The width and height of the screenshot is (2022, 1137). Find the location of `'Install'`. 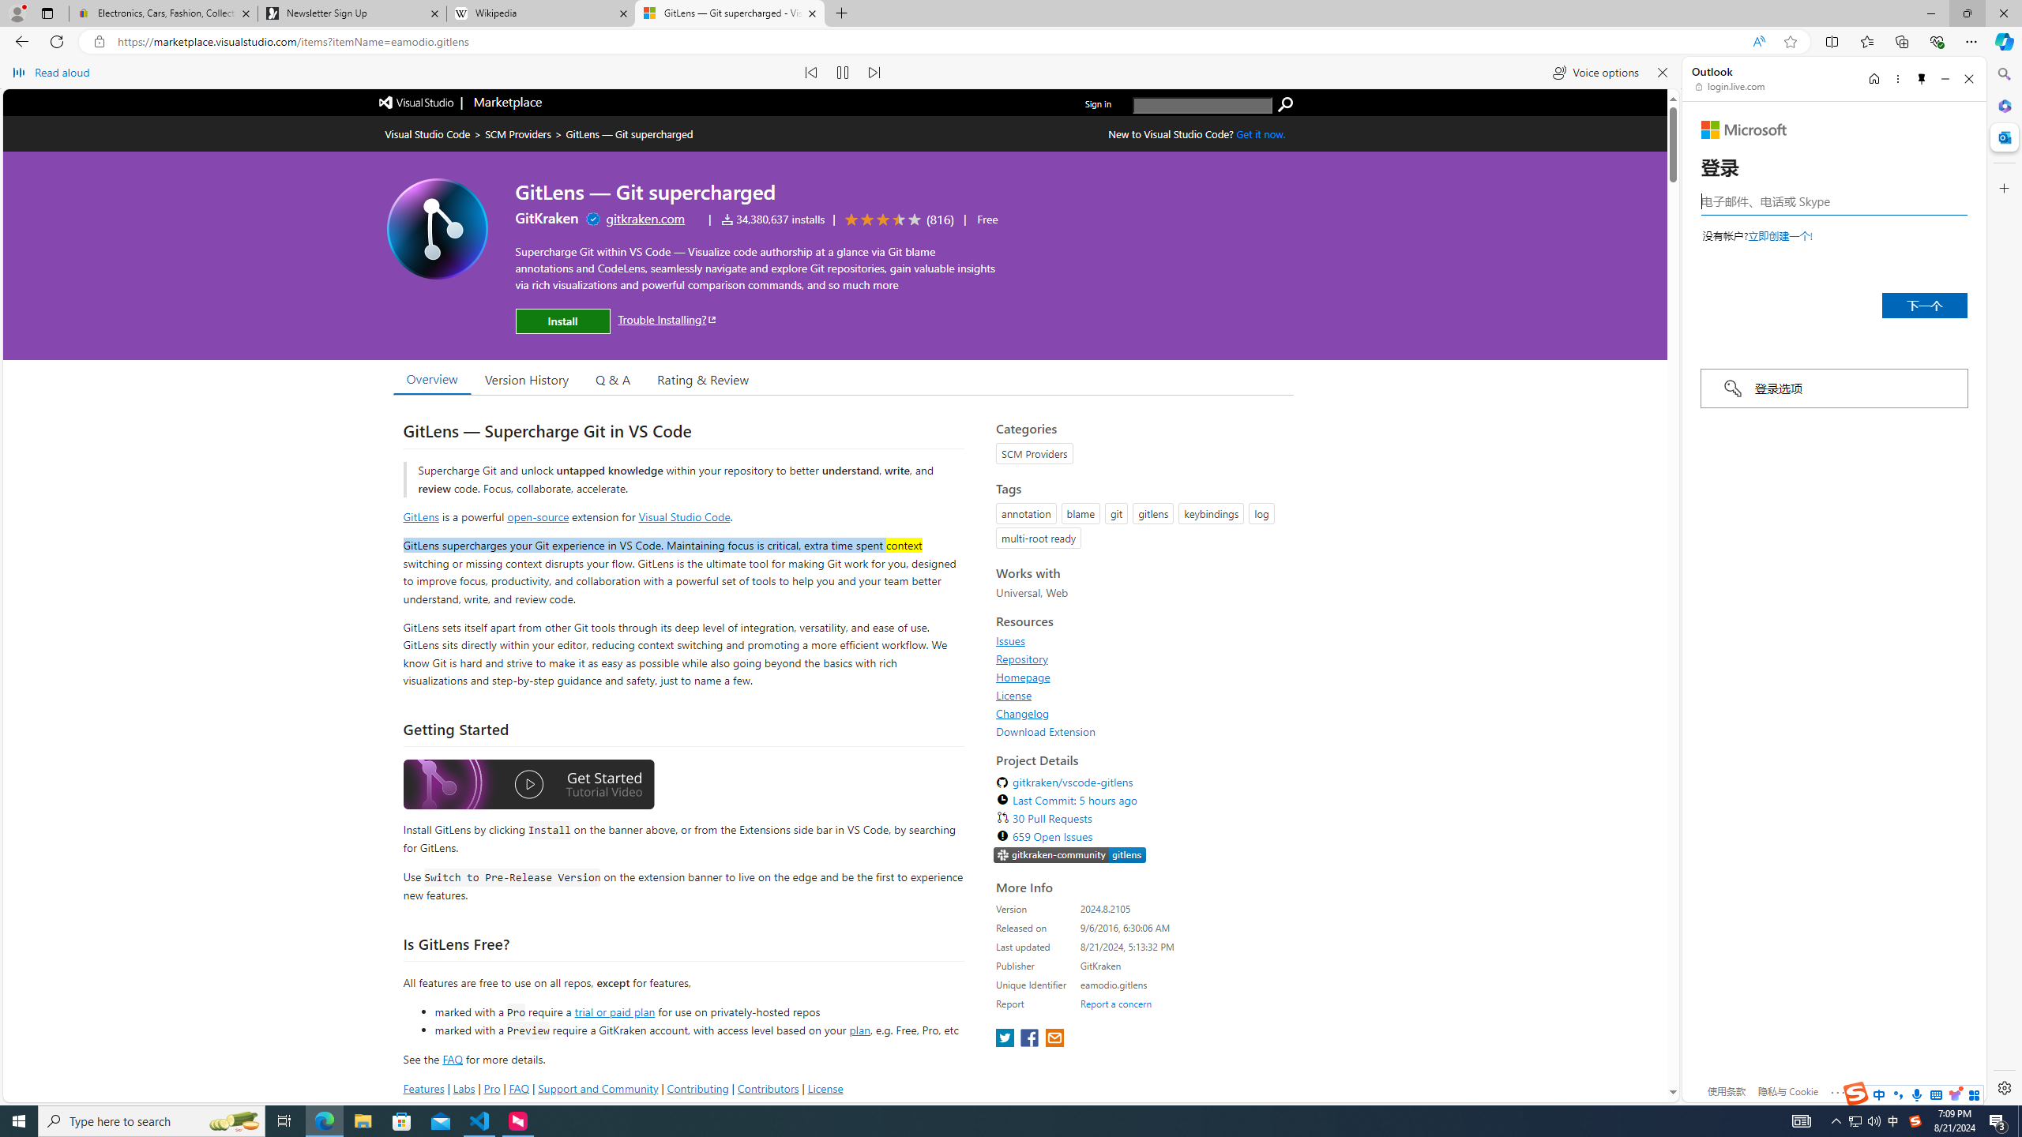

'Install' is located at coordinates (562, 321).